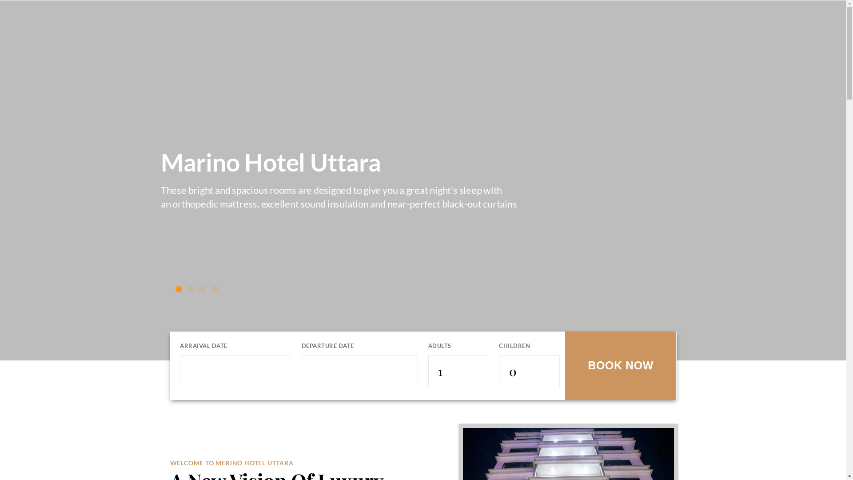 This screenshot has width=853, height=480. Describe the element at coordinates (620, 365) in the screenshot. I see `'BOOK NOW'` at that location.